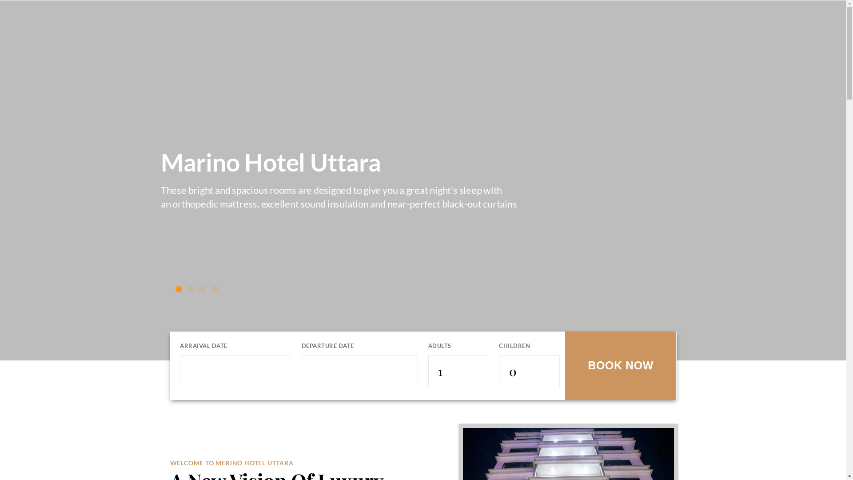 This screenshot has width=853, height=480. Describe the element at coordinates (620, 365) in the screenshot. I see `'BOOK NOW'` at that location.